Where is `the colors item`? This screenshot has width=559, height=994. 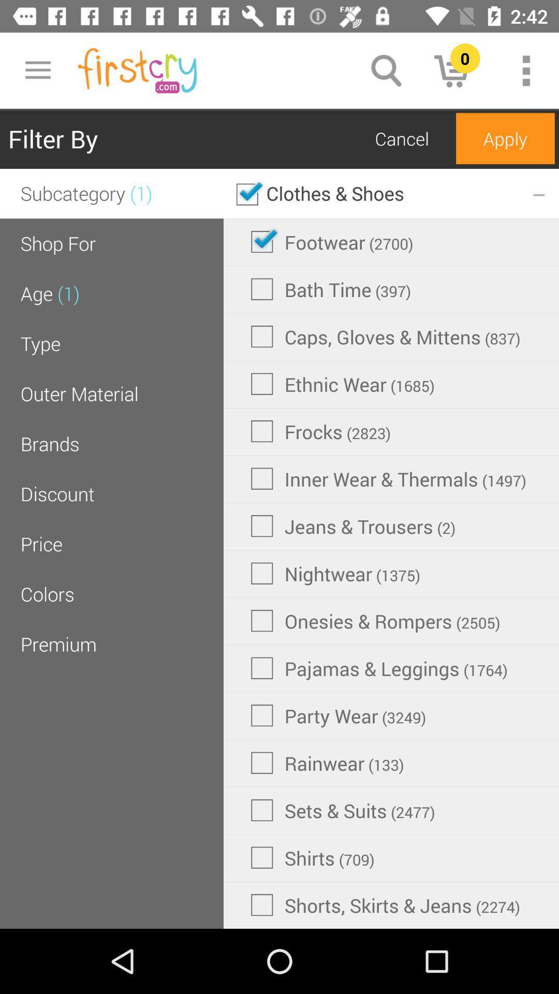 the colors item is located at coordinates (47, 594).